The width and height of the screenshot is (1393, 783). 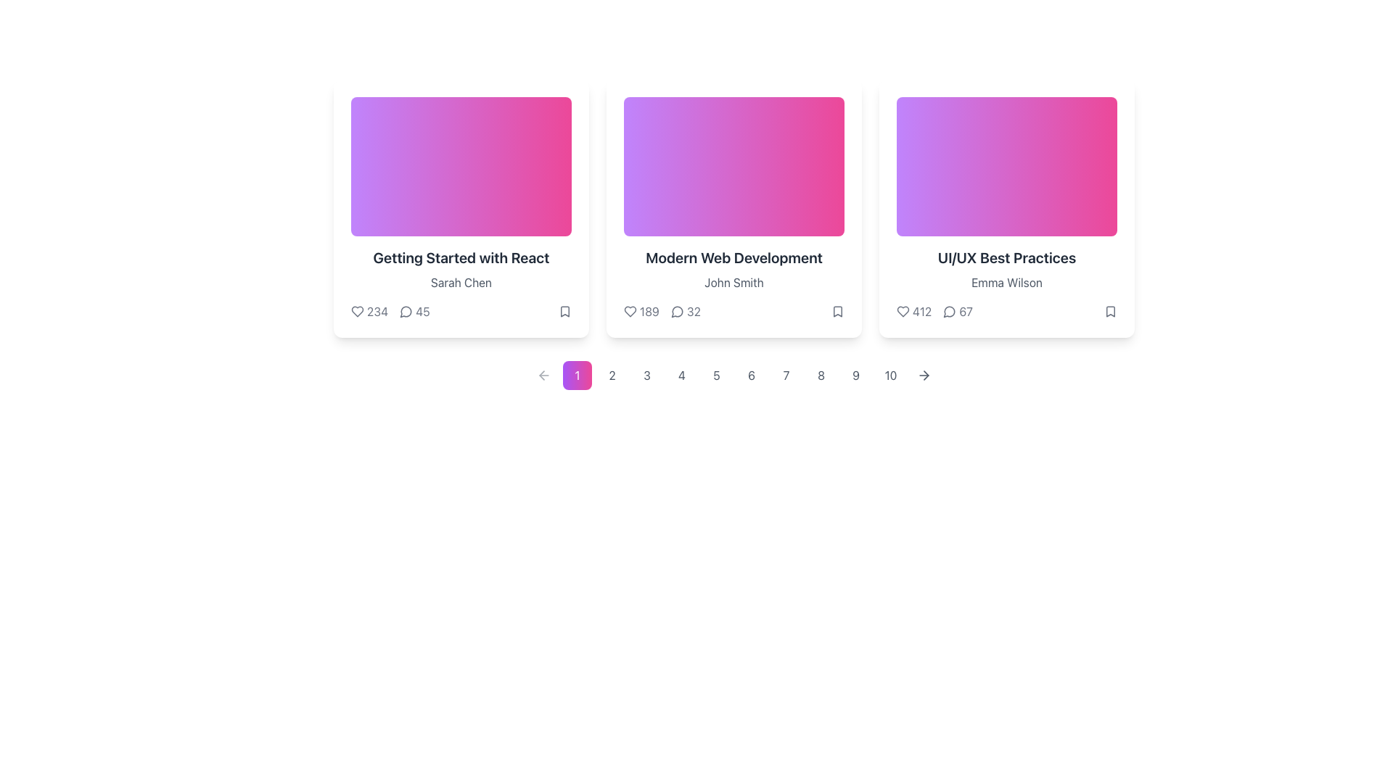 I want to click on the pagination button that navigates to page 10 to change its background color, so click(x=890, y=374).